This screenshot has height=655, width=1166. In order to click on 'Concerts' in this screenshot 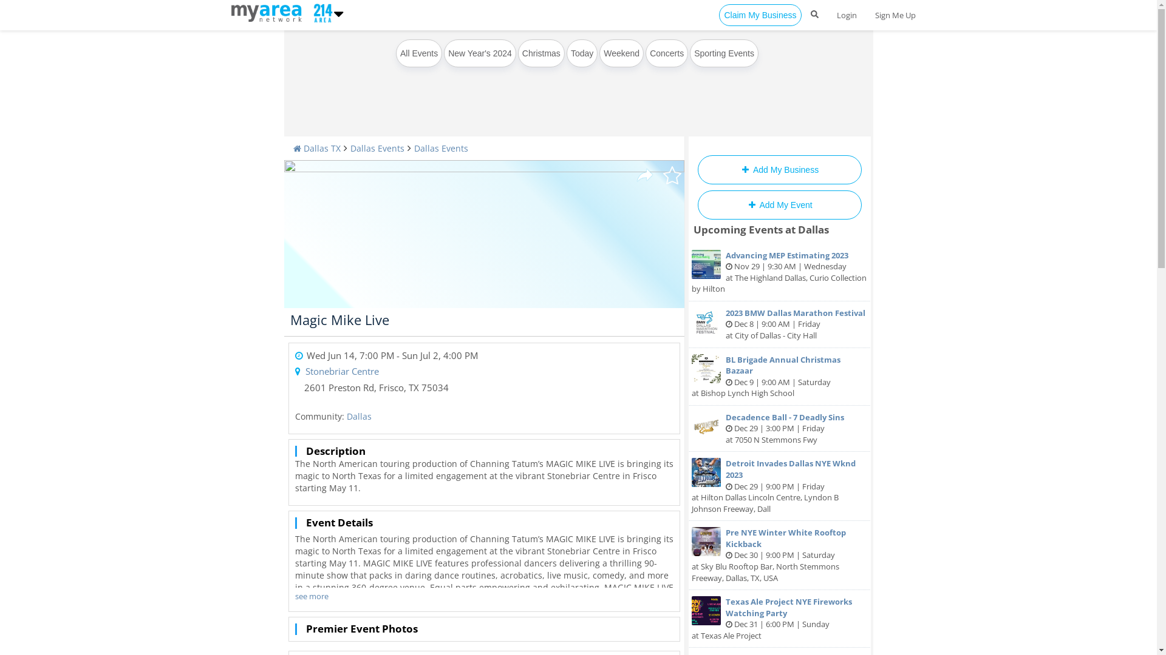, I will do `click(666, 53)`.